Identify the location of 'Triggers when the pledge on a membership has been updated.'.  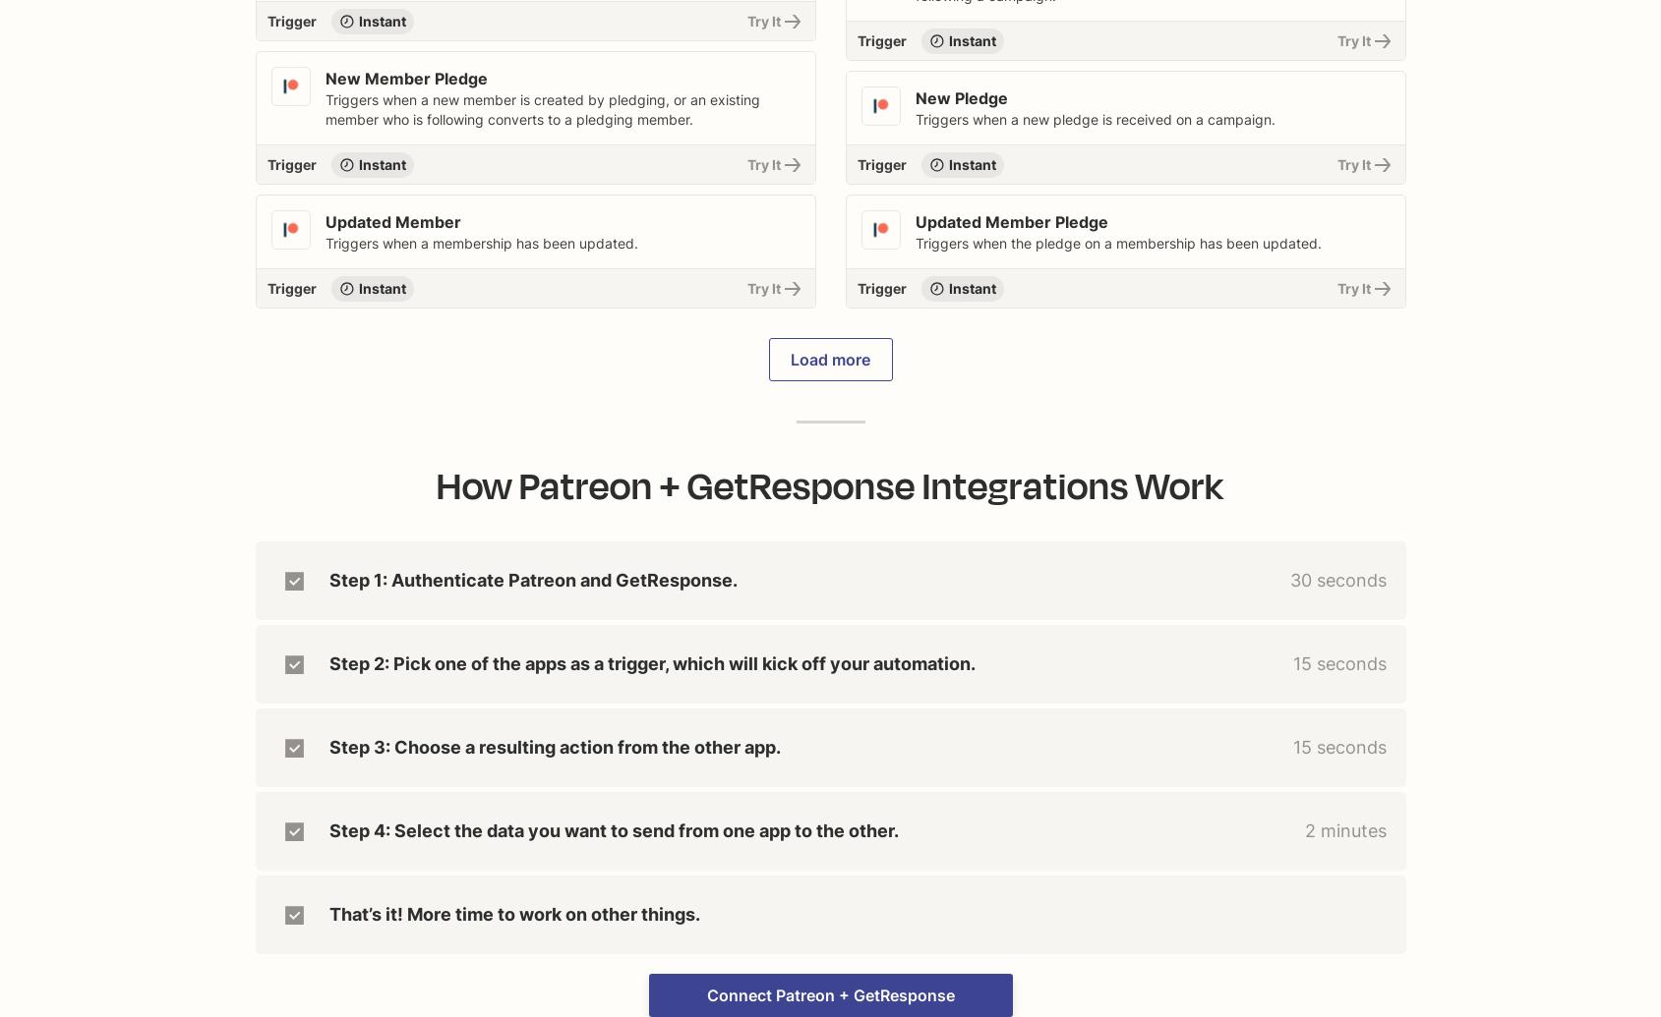
(1116, 243).